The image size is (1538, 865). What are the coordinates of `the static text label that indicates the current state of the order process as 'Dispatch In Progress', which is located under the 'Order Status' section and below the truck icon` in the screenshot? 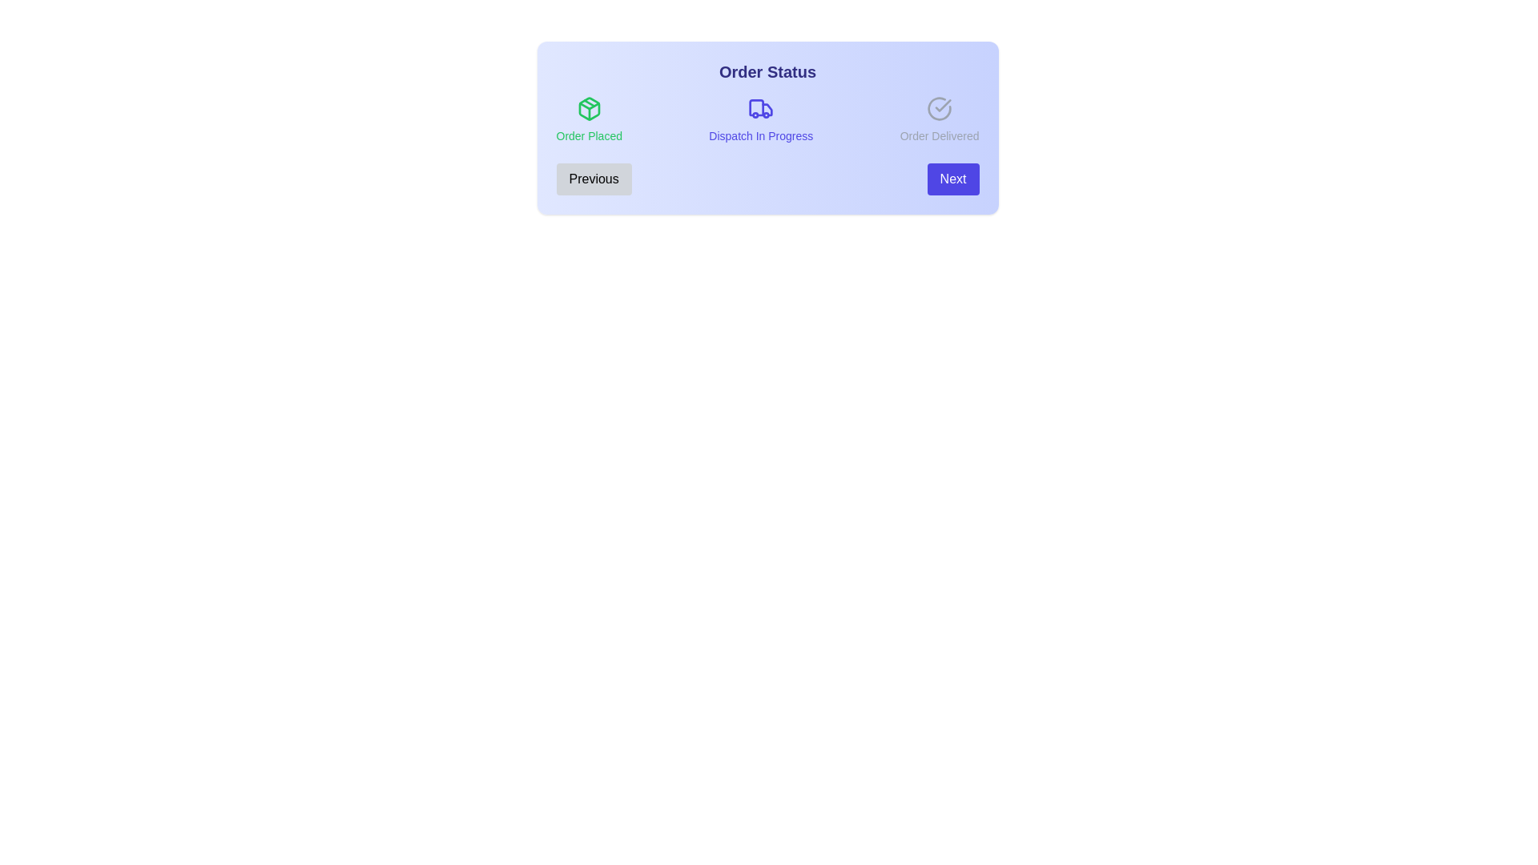 It's located at (760, 135).